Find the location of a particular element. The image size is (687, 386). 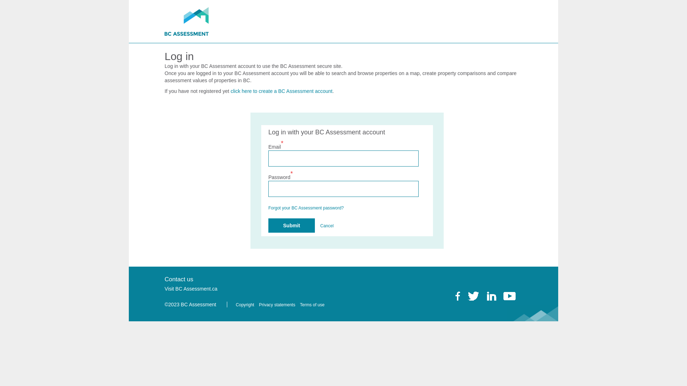

'click here to create a BC Assessment account' is located at coordinates (281, 90).